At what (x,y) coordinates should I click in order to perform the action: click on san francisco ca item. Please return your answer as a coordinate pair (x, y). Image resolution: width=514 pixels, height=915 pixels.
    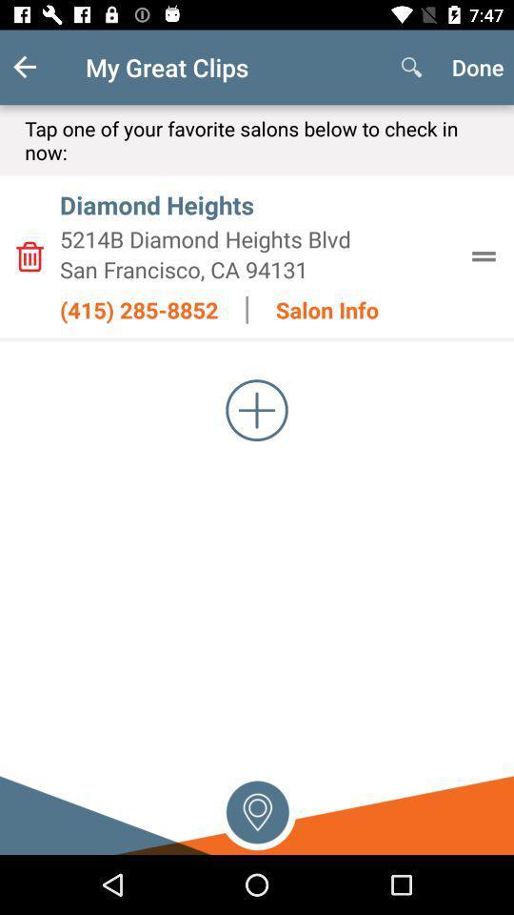
    Looking at the image, I should click on (257, 268).